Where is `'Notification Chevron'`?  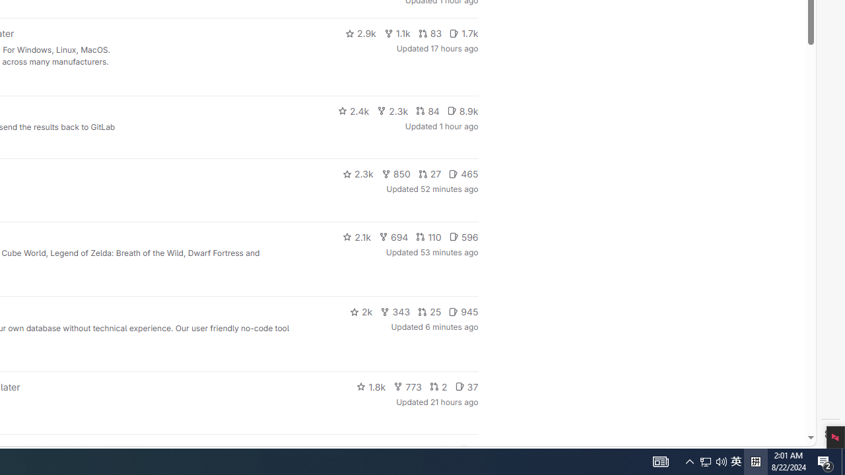 'Notification Chevron' is located at coordinates (689, 460).